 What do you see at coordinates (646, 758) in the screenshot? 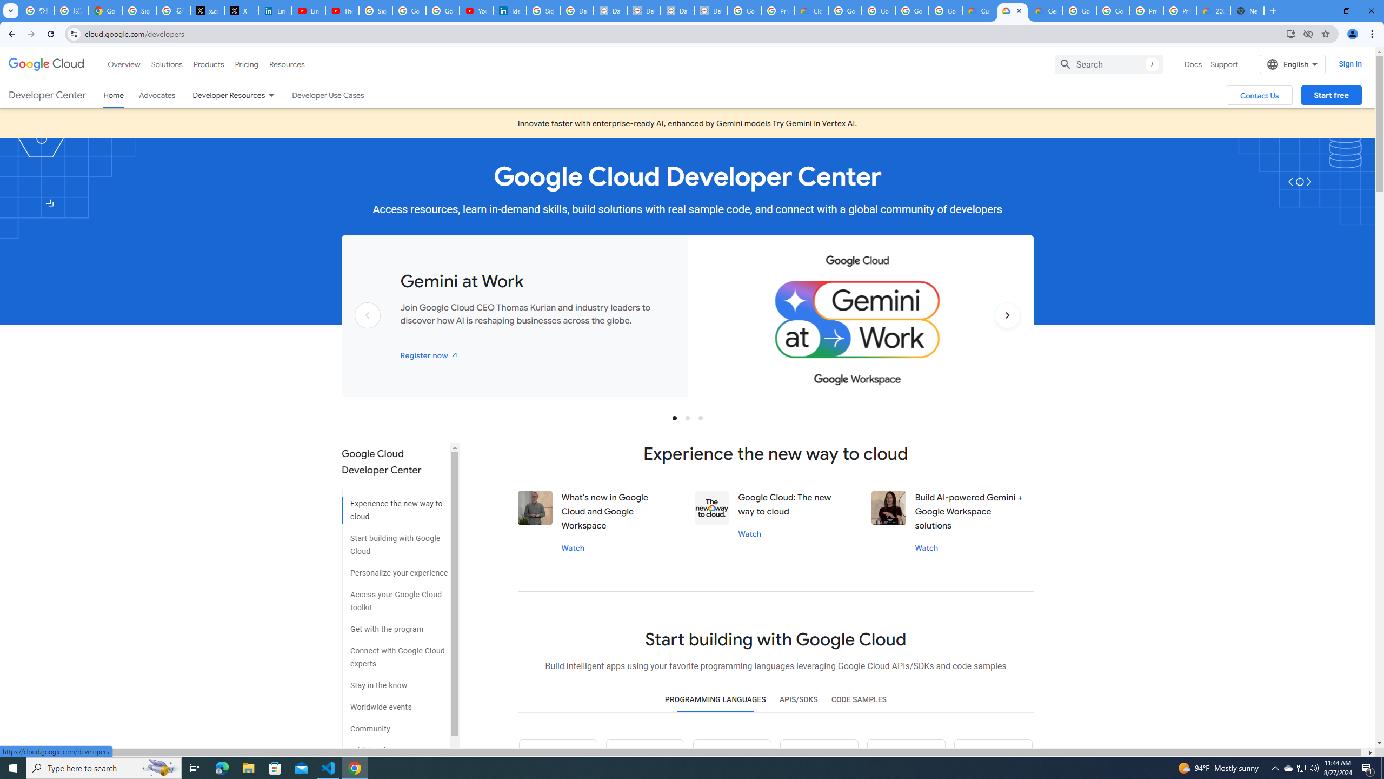
I see `'Java icon'` at bounding box center [646, 758].